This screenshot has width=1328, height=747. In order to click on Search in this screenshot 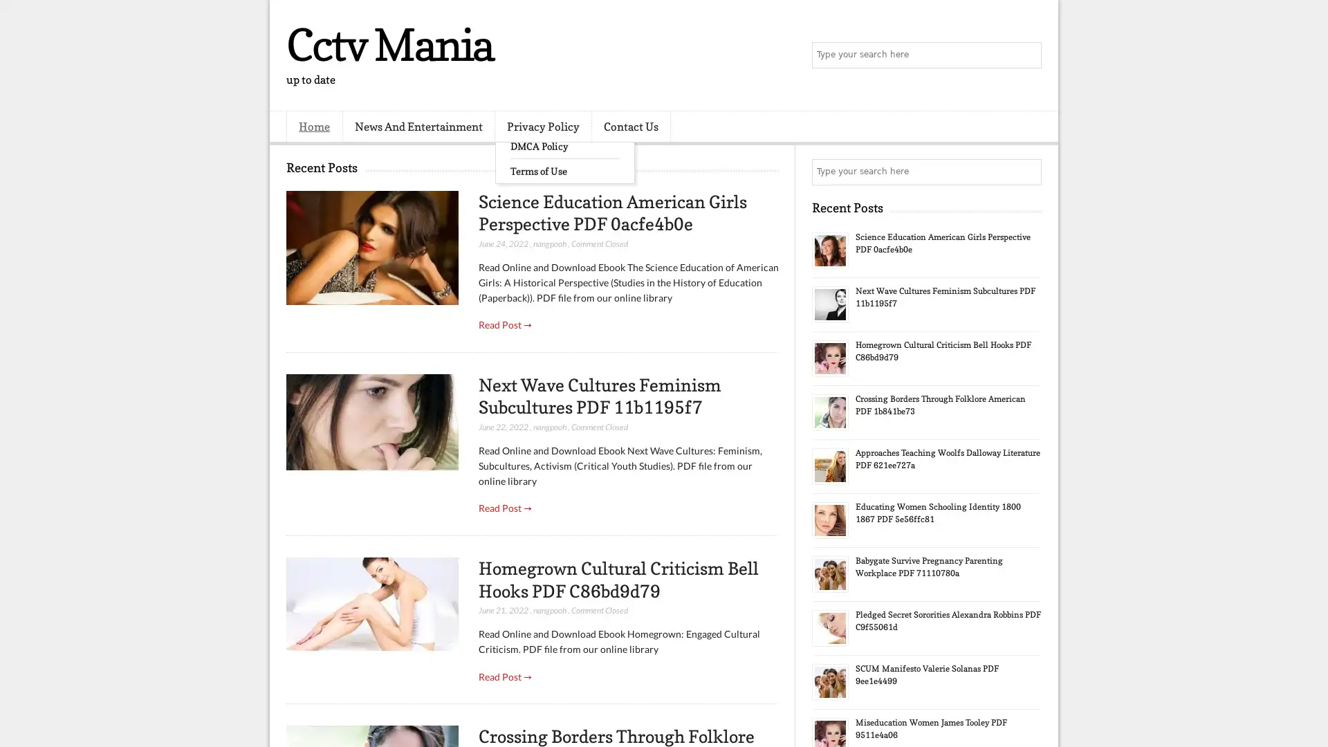, I will do `click(1027, 172)`.